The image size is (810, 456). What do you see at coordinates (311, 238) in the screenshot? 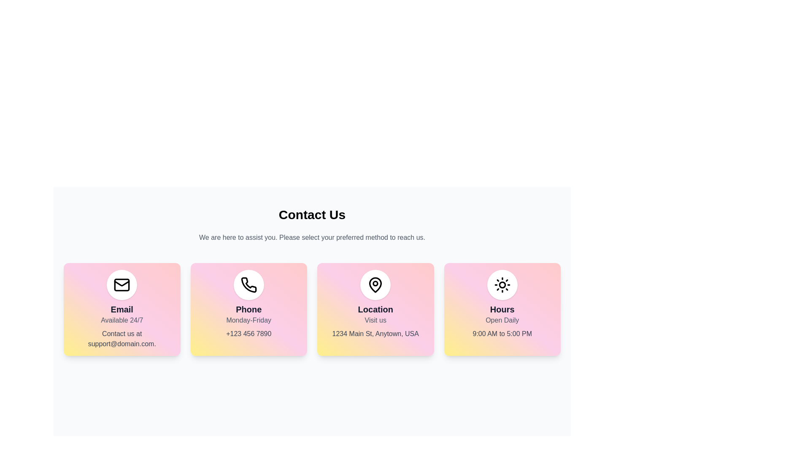
I see `informational text located below the 'Contact Us' heading and above the options grid, which guides users on available contact methods` at bounding box center [311, 238].